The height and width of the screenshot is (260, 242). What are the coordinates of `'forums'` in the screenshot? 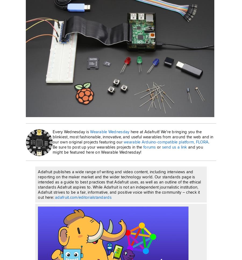 It's located at (149, 146).